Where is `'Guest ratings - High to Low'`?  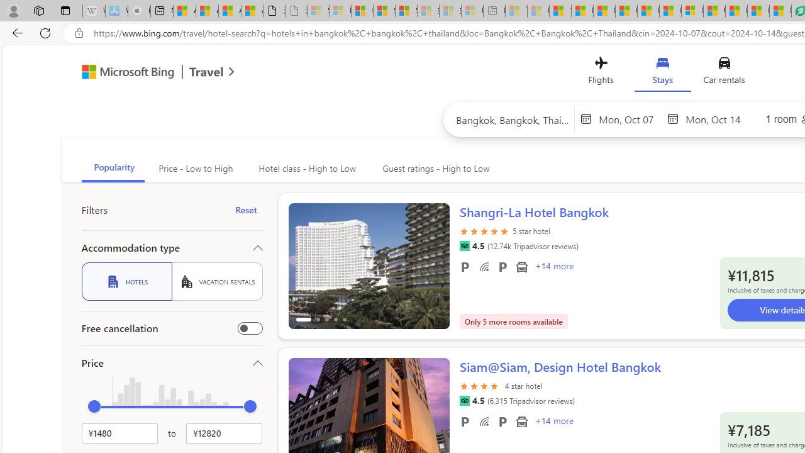 'Guest ratings - High to Low' is located at coordinates (434, 168).